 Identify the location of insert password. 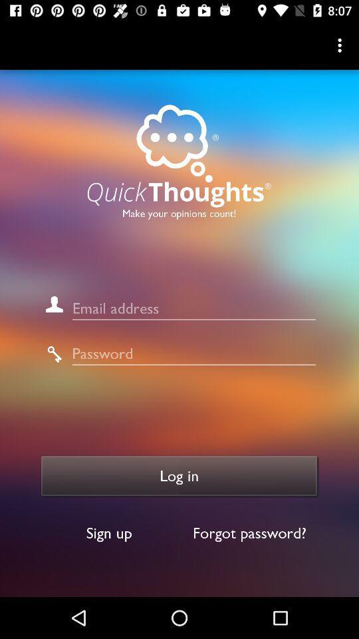
(193, 353).